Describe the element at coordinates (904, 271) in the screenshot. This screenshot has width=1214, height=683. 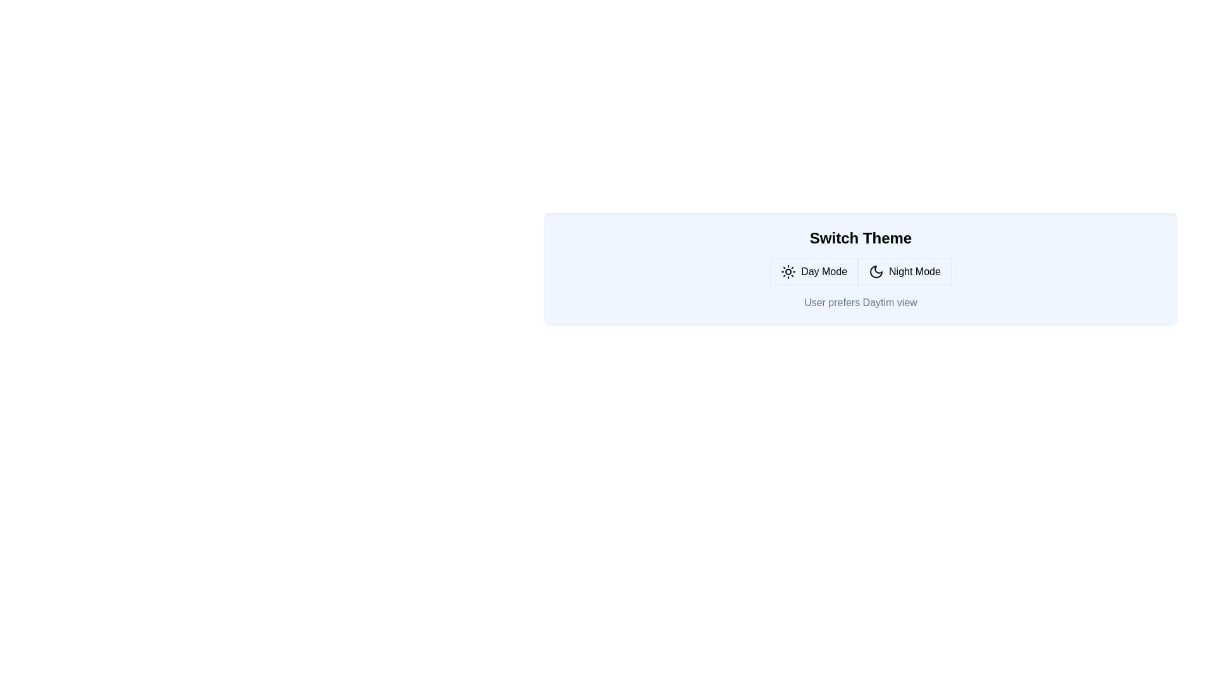
I see `the button corresponding to Night Mode mode` at that location.